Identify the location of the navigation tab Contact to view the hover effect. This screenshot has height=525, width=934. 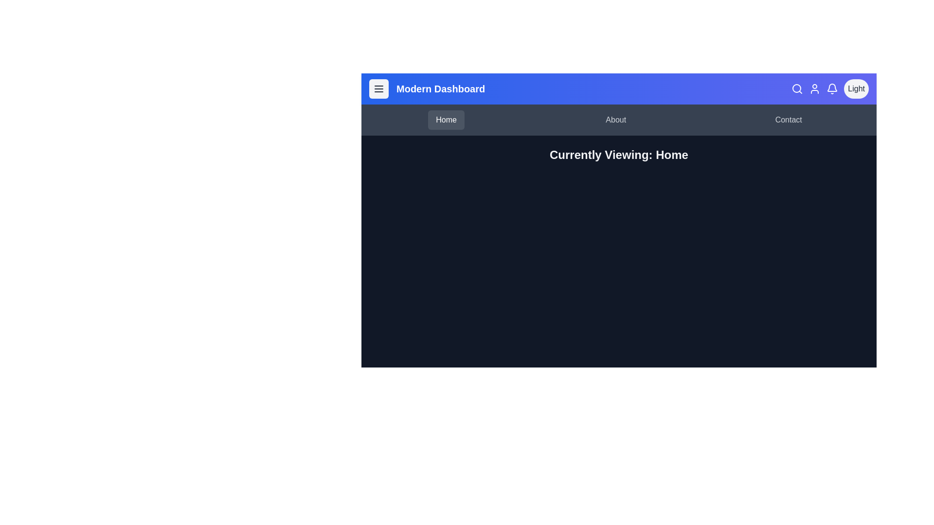
(789, 119).